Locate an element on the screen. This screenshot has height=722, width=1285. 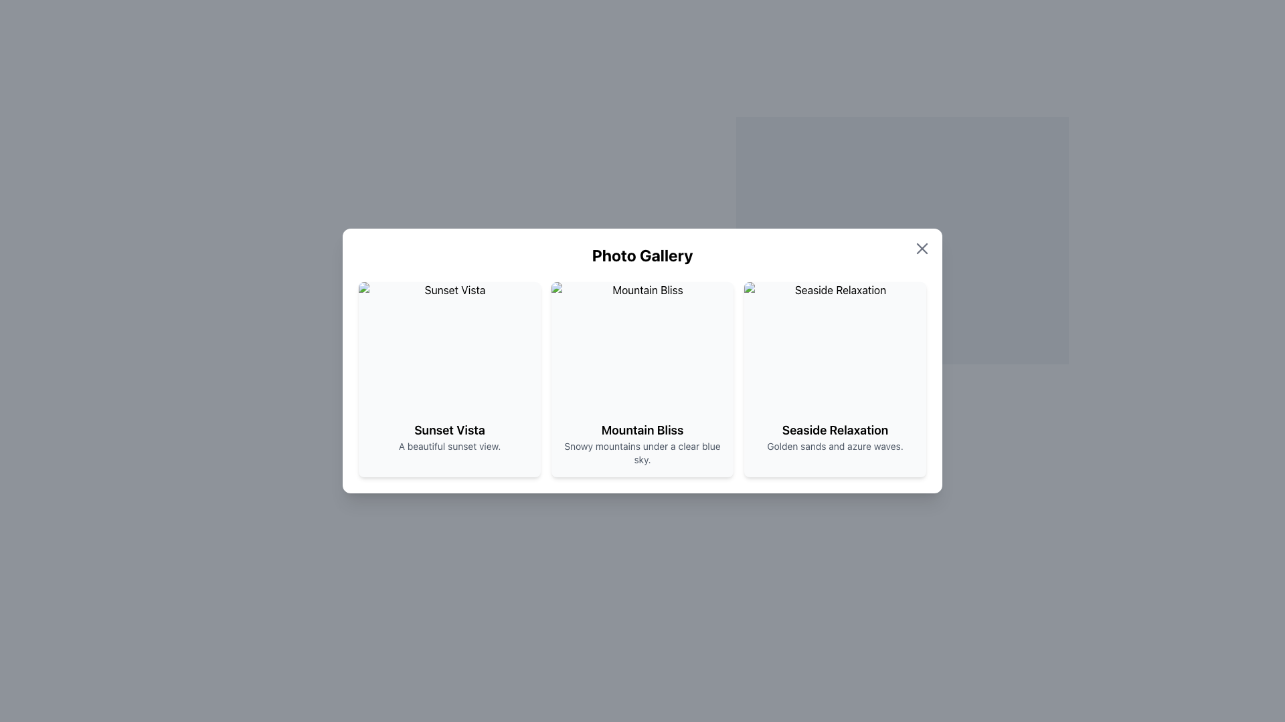
the Text Label that describes the visual or thematic content of the 'Mountain Bliss' card, located centrally at the bottom of the middle card in a three-card layout is located at coordinates (642, 453).